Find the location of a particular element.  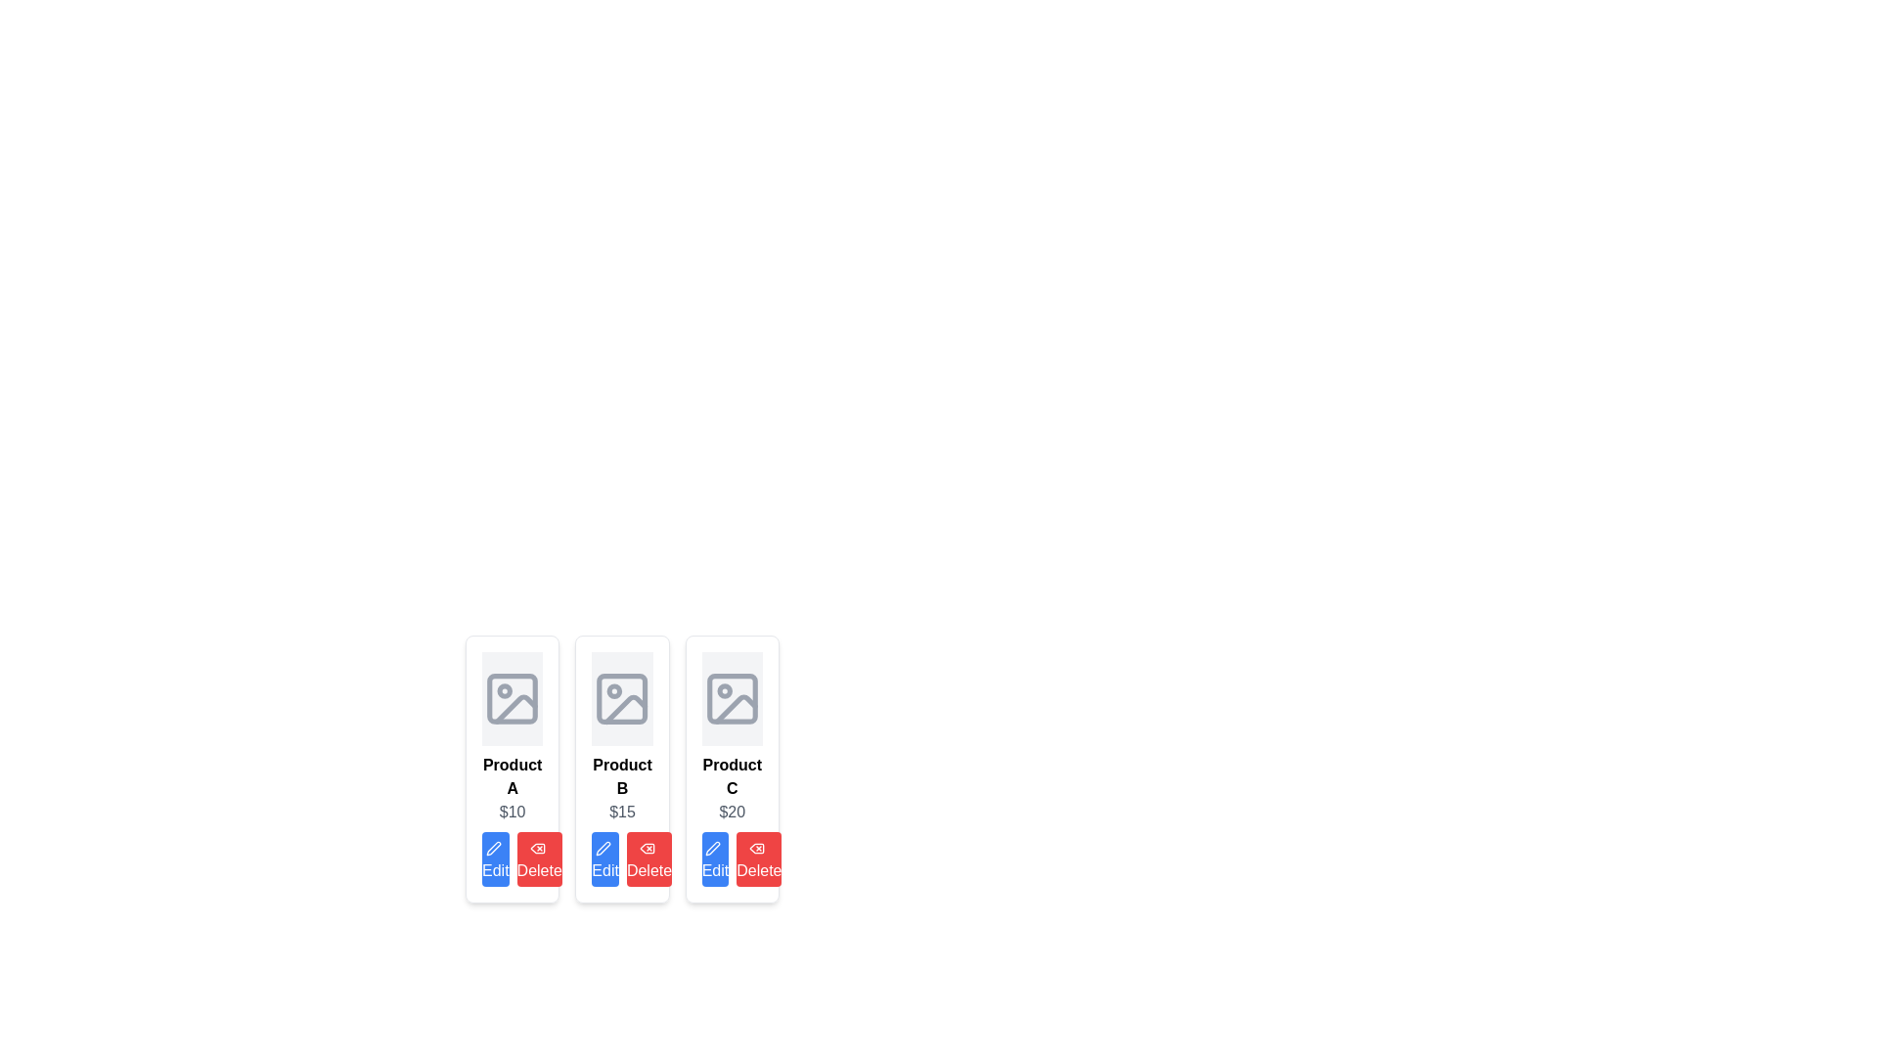

the 'Delete' button, which is a rectangular button with a red background and white text featuring a trash can icon, located at the bottom of a card in a horizontal group of buttons is located at coordinates (648, 858).